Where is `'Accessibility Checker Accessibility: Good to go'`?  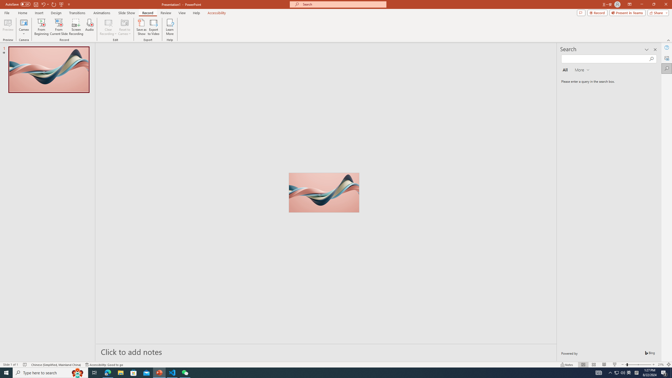
'Accessibility Checker Accessibility: Good to go' is located at coordinates (104, 365).